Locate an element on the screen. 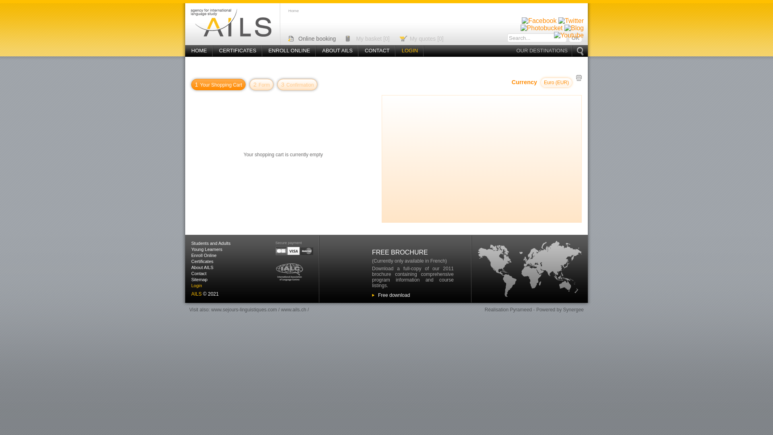  'Pyrameed' is located at coordinates (521, 309).